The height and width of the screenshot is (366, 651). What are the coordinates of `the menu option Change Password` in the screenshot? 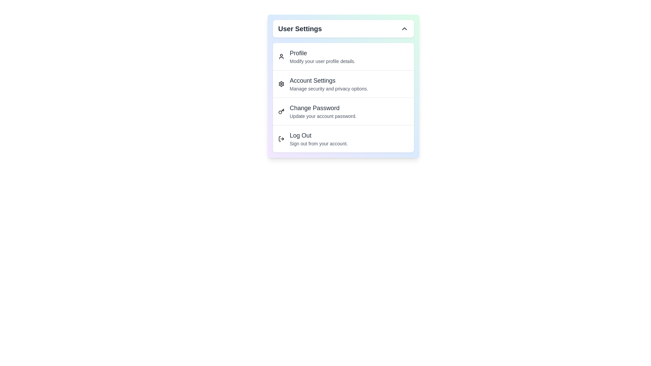 It's located at (343, 111).